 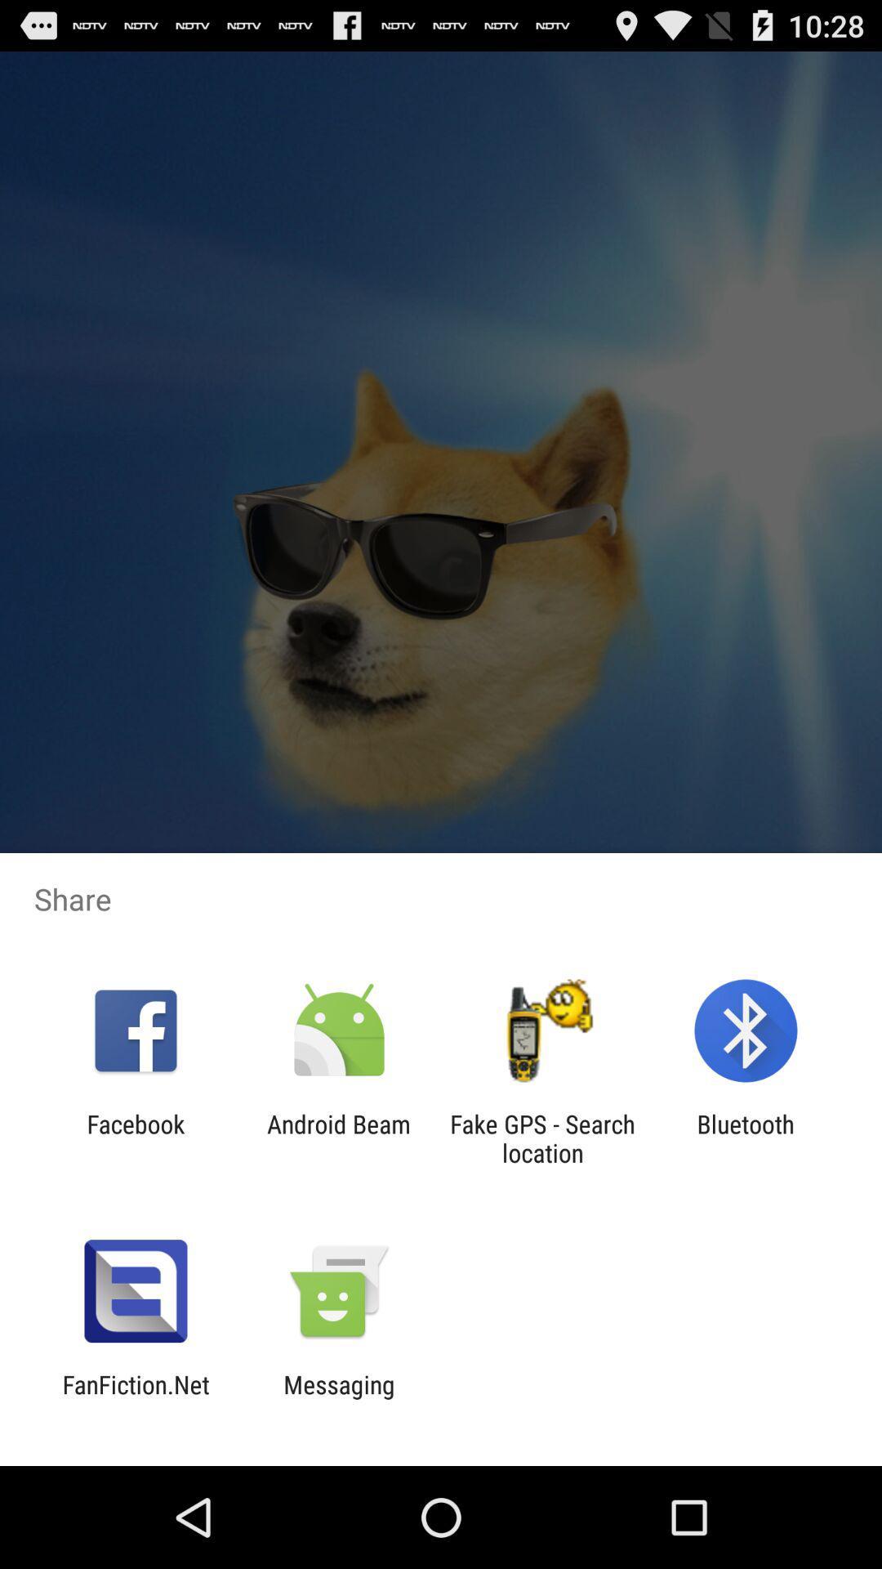 What do you see at coordinates (135, 1138) in the screenshot?
I see `the facebook` at bounding box center [135, 1138].